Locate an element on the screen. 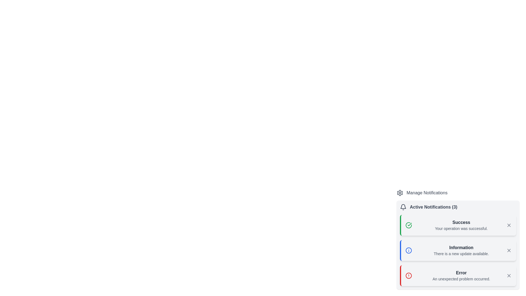 This screenshot has width=526, height=296. success message from the first notification card in the 'Active Notifications (3)' list, located at the specified coordinates is located at coordinates (458, 225).